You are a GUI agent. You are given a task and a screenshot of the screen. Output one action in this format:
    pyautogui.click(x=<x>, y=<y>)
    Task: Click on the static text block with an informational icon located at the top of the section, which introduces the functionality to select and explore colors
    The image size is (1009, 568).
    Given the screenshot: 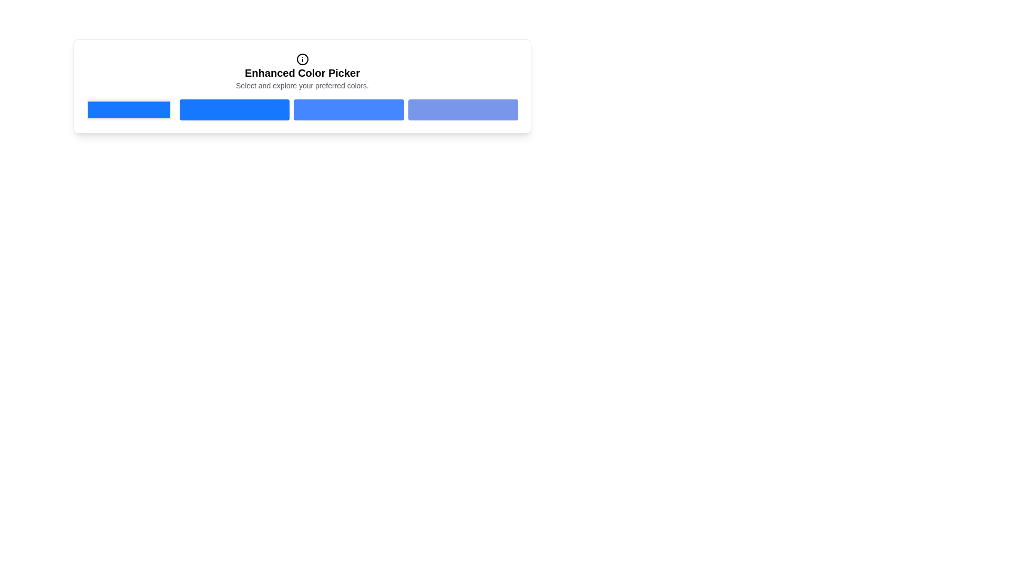 What is the action you would take?
    pyautogui.click(x=302, y=71)
    